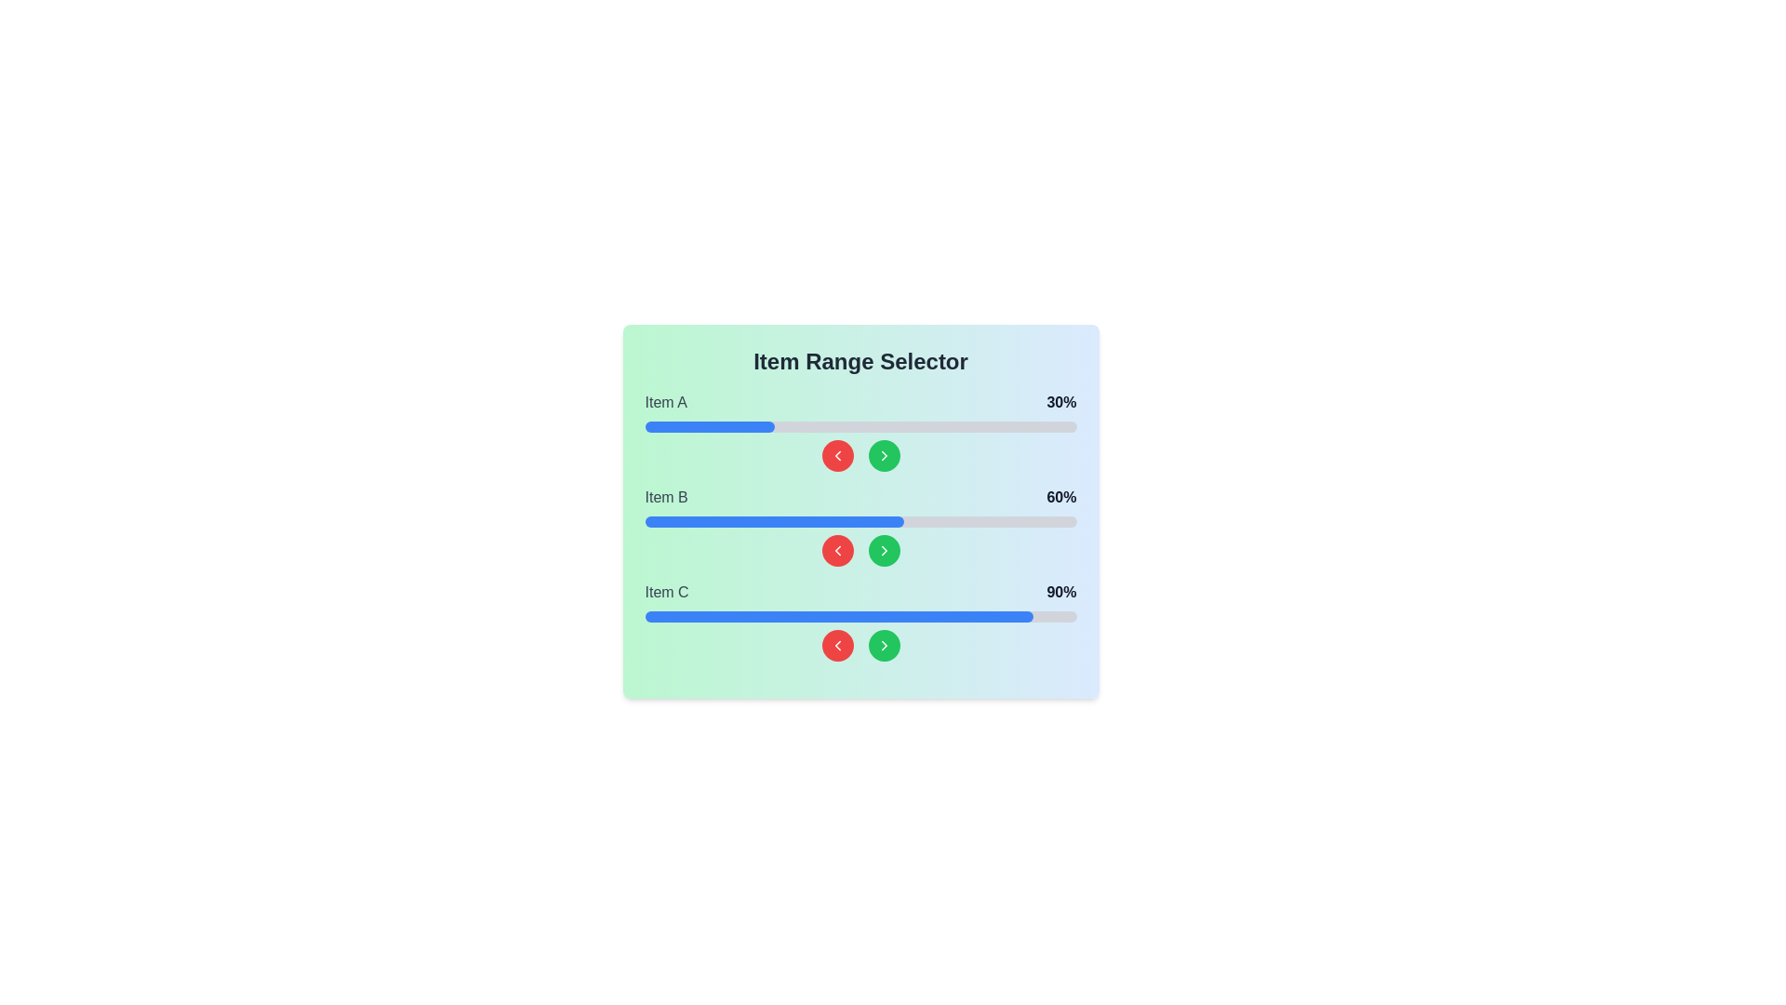 The height and width of the screenshot is (1005, 1786). What do you see at coordinates (860, 645) in the screenshot?
I see `the green button on the button group located below the progress bar of 'Item C' to increase the value` at bounding box center [860, 645].